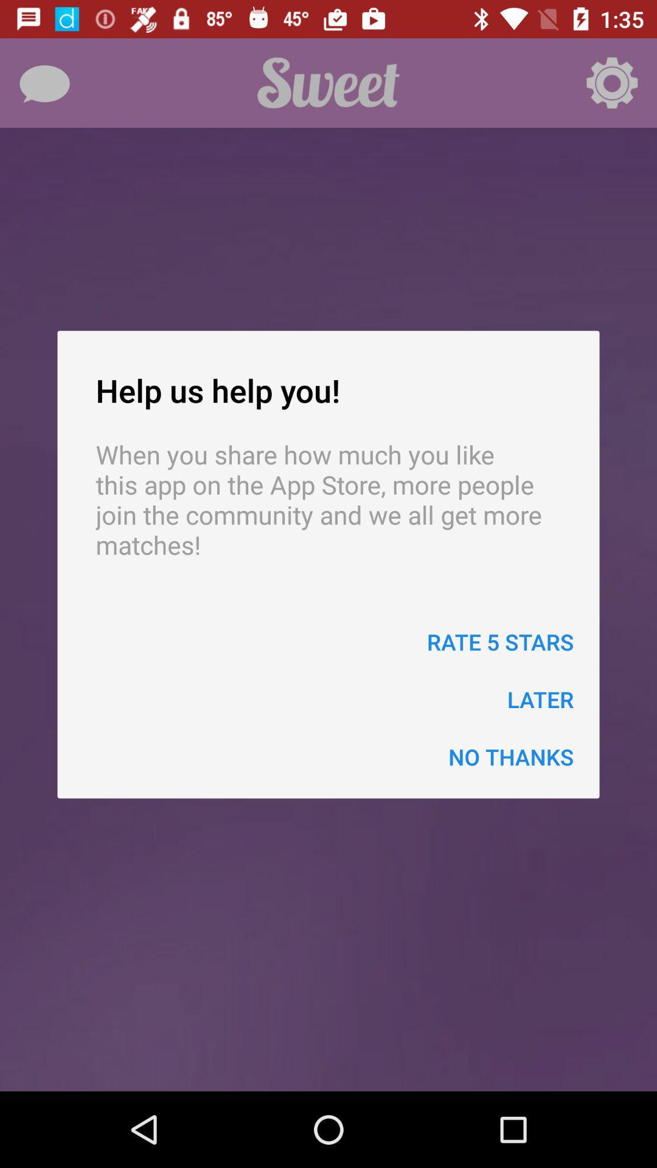 The height and width of the screenshot is (1168, 657). I want to click on later icon, so click(540, 699).